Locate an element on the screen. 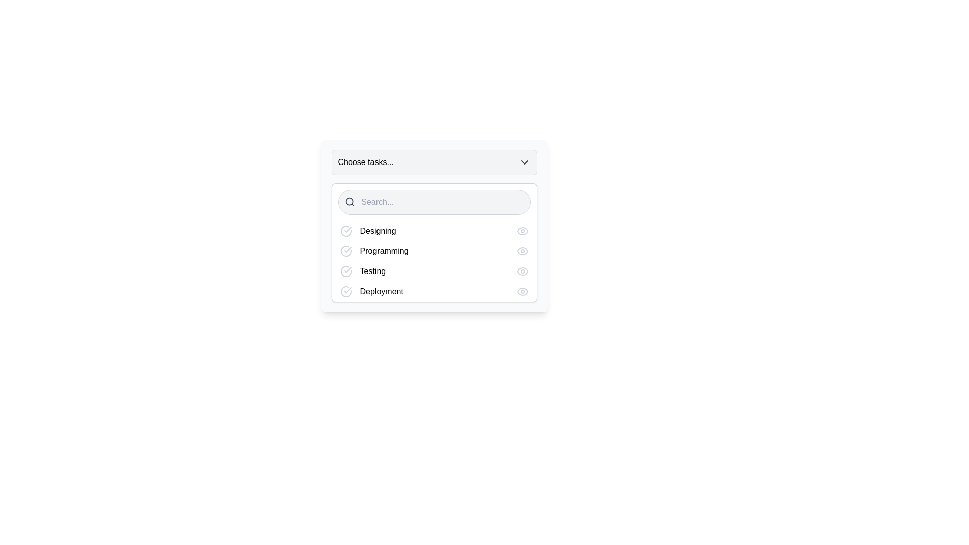  the circular magnifying glass icon located within the search input area, which is part of the search functionality next to the 'Choose tasks...' dropdown is located at coordinates (349, 202).